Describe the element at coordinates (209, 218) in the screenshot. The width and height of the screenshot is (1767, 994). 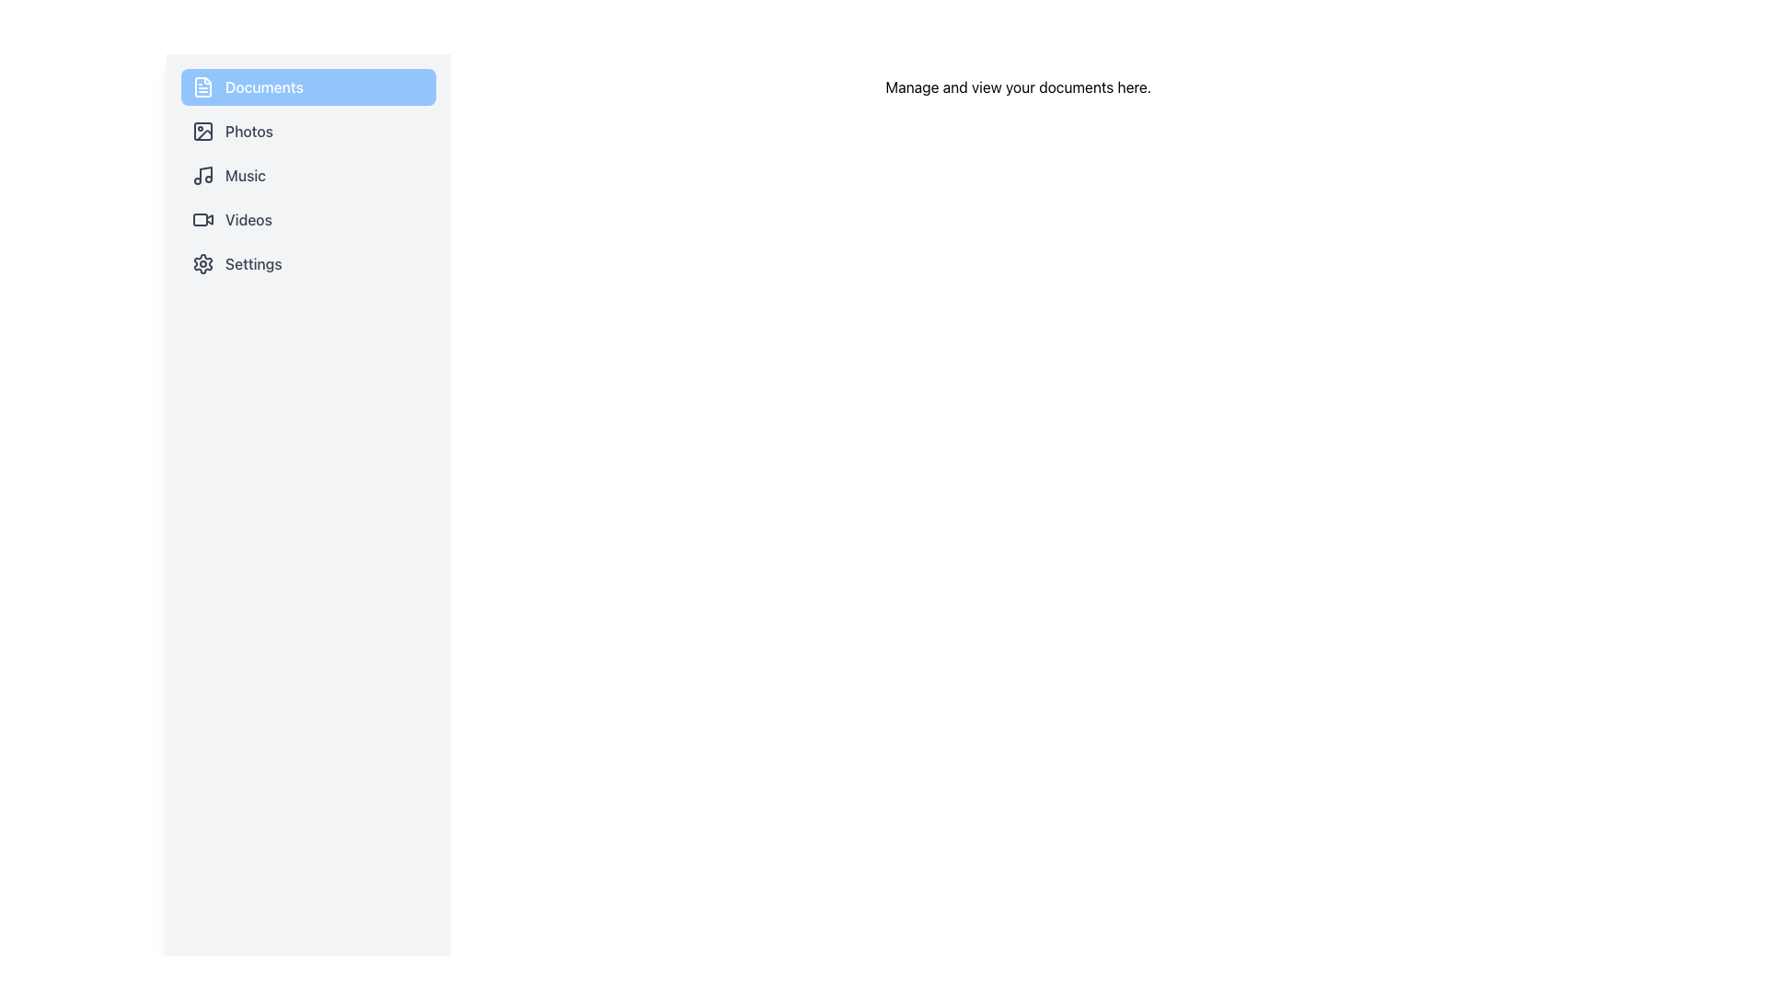
I see `the video icon in the sidebar navigation menu, which is positioned to the left of the 'Videos' label and between 'Music' and 'Settings'` at that location.